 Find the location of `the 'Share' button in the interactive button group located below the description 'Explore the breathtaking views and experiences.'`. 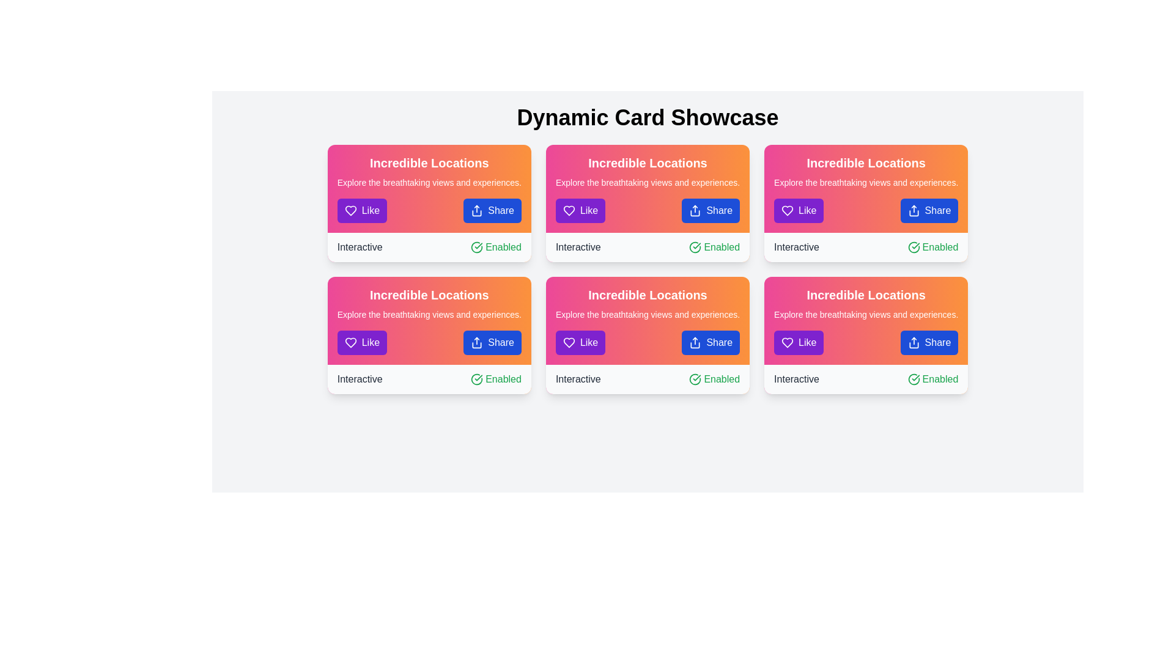

the 'Share' button in the interactive button group located below the description 'Explore the breathtaking views and experiences.' is located at coordinates (865, 210).